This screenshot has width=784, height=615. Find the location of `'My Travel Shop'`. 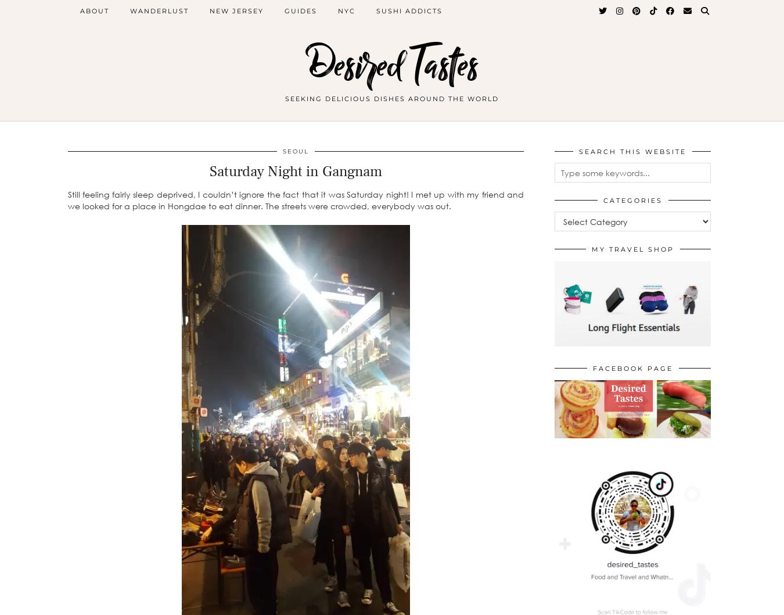

'My Travel Shop' is located at coordinates (632, 249).